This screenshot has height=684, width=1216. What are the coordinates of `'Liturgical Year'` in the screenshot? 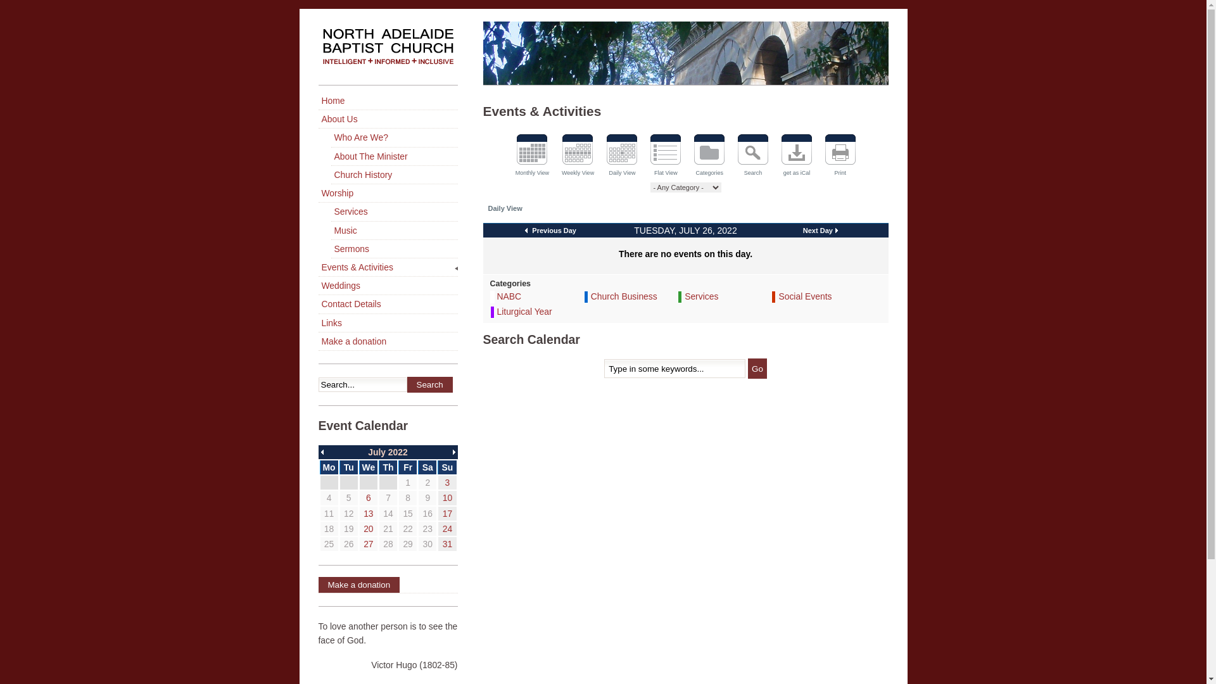 It's located at (524, 312).